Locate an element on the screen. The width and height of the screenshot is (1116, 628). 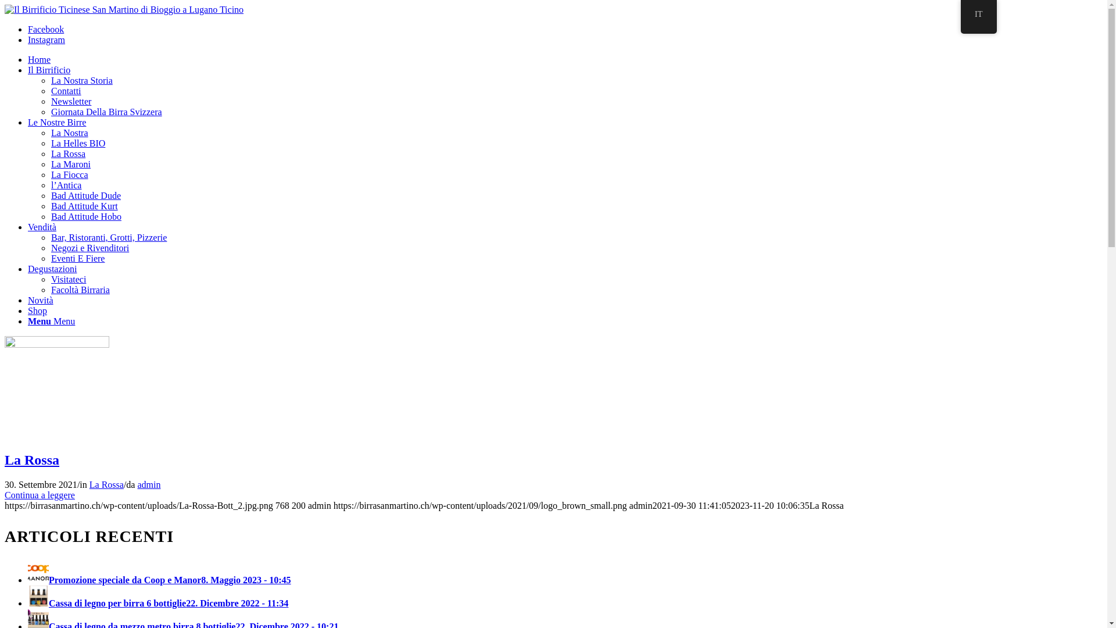
'Degustazioni' is located at coordinates (52, 269).